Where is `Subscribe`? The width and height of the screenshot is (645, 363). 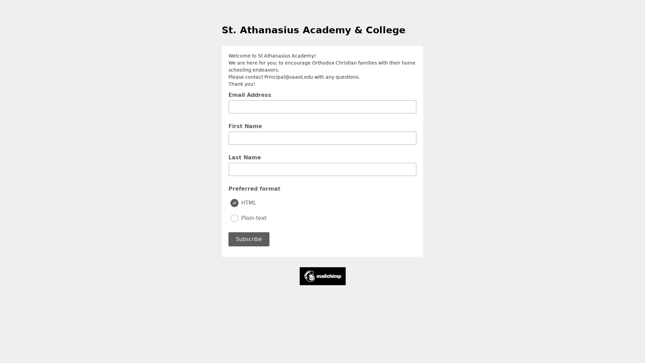 Subscribe is located at coordinates (248, 238).